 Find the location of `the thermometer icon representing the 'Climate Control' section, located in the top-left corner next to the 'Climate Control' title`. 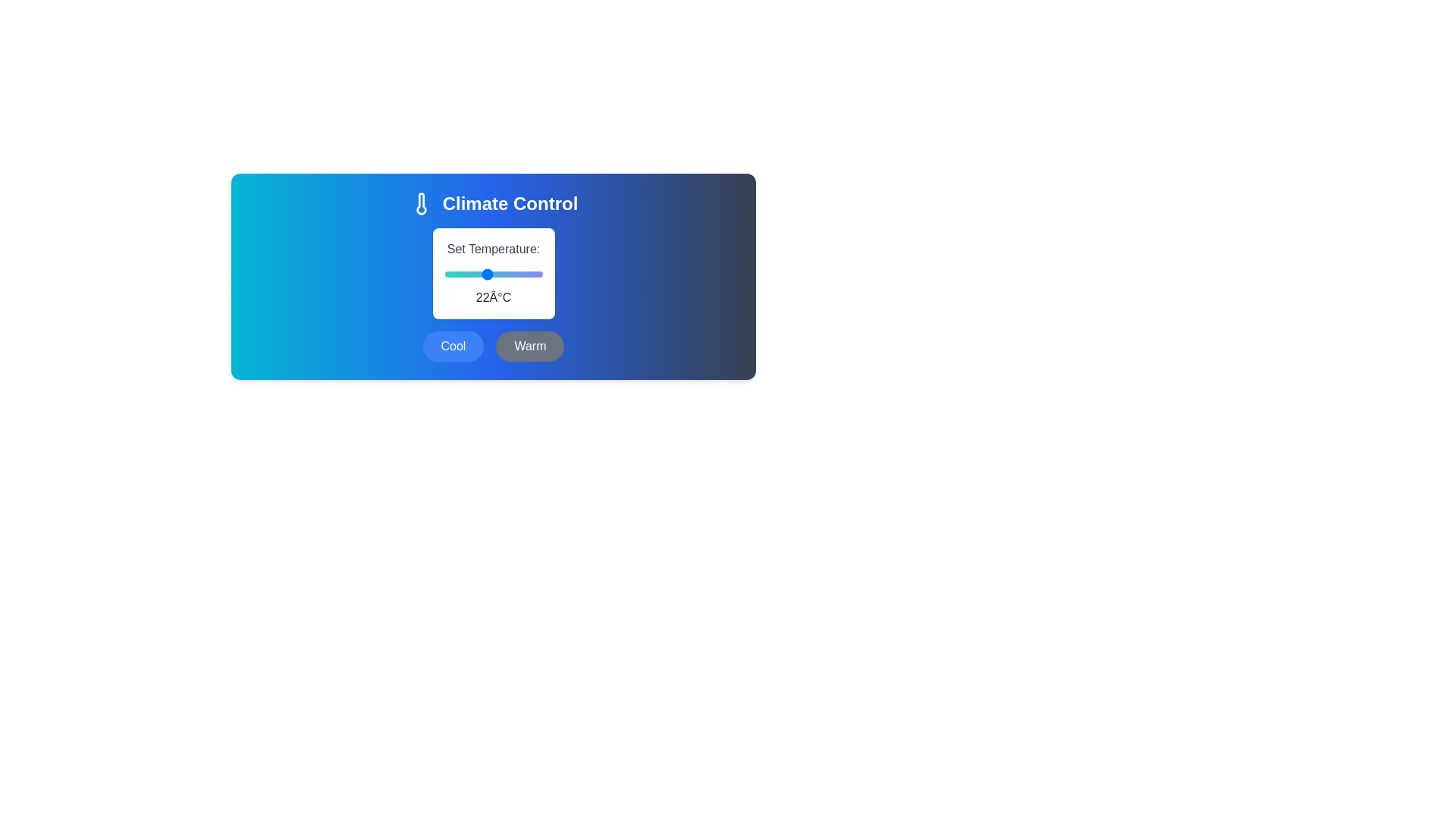

the thermometer icon representing the 'Climate Control' section, located in the top-left corner next to the 'Climate Control' title is located at coordinates (421, 203).